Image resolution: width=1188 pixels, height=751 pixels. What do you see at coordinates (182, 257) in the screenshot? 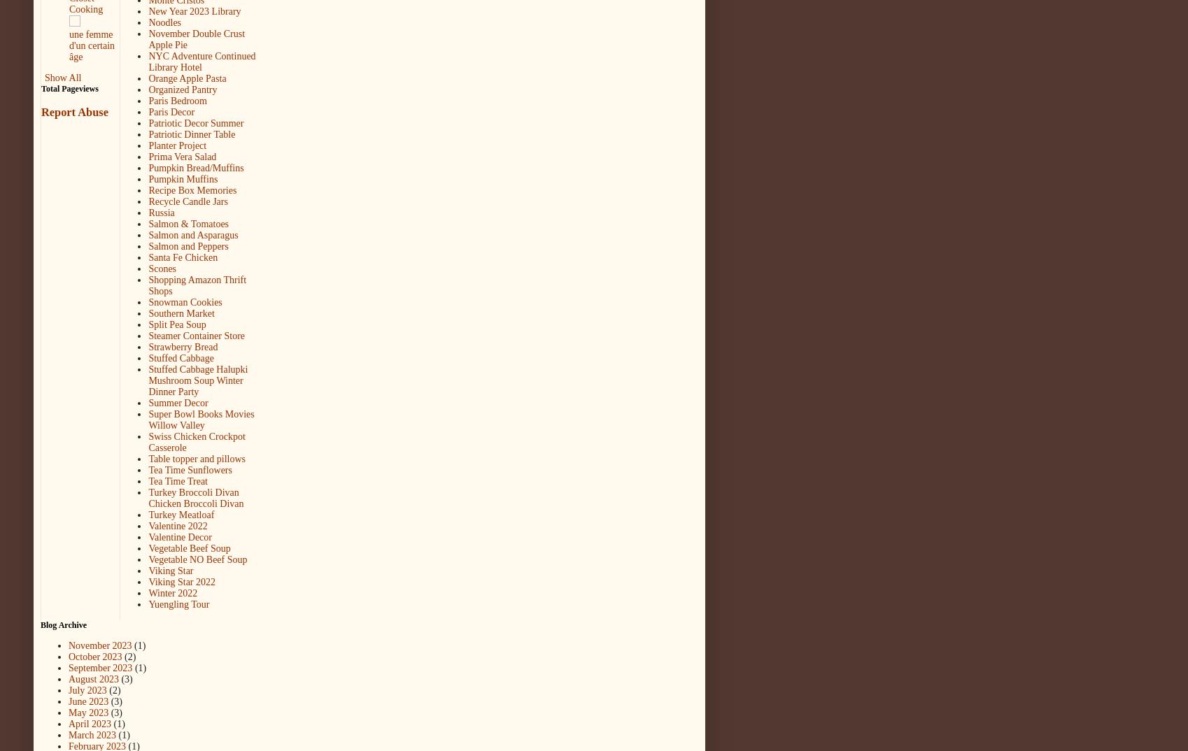
I see `'Santa Fe Chicken'` at bounding box center [182, 257].